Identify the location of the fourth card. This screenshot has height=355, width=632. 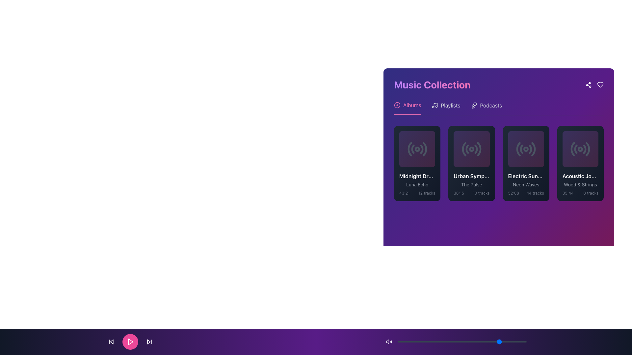
(580, 163).